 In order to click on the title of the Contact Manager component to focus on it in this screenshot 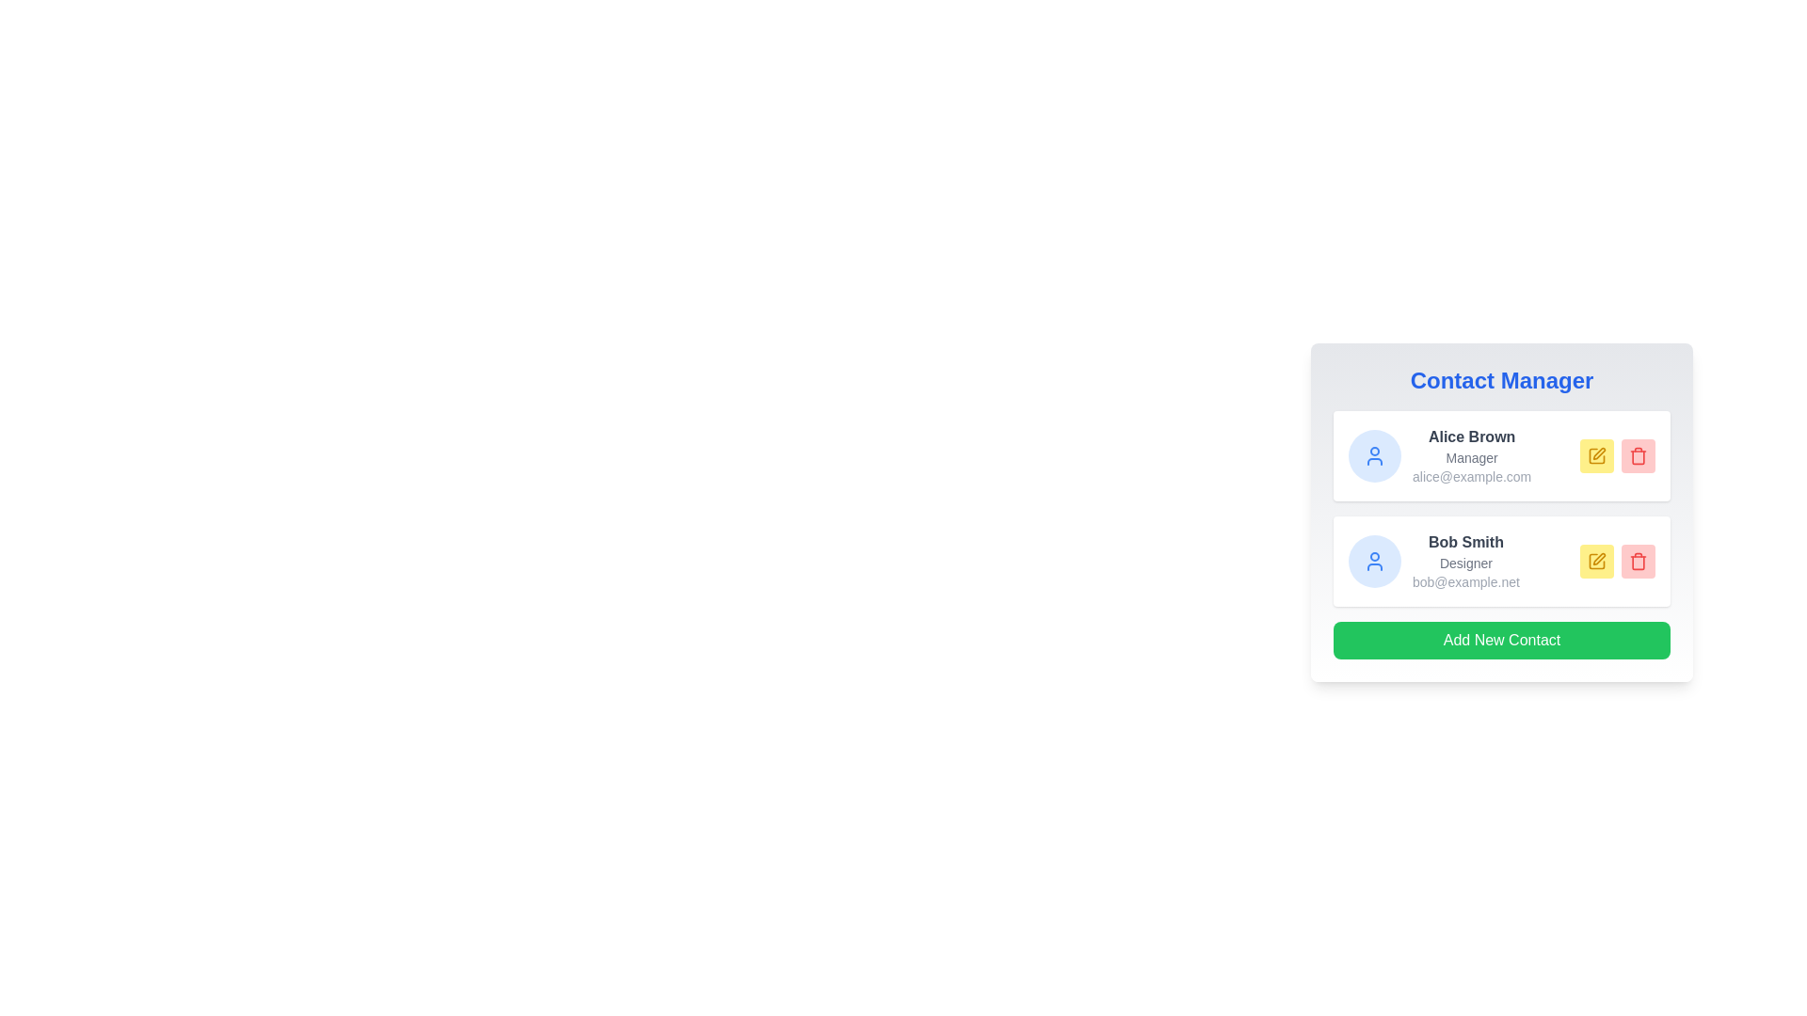, I will do `click(1501, 381)`.